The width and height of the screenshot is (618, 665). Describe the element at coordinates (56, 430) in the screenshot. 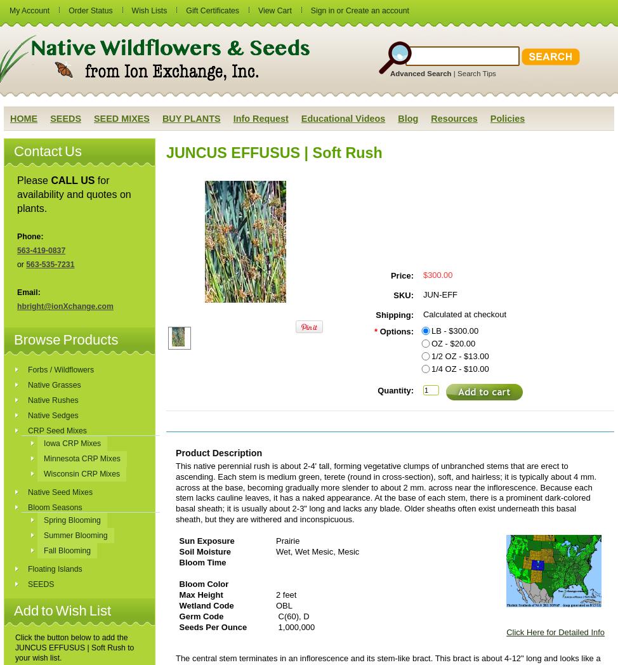

I see `'CRP Seed Mixes'` at that location.